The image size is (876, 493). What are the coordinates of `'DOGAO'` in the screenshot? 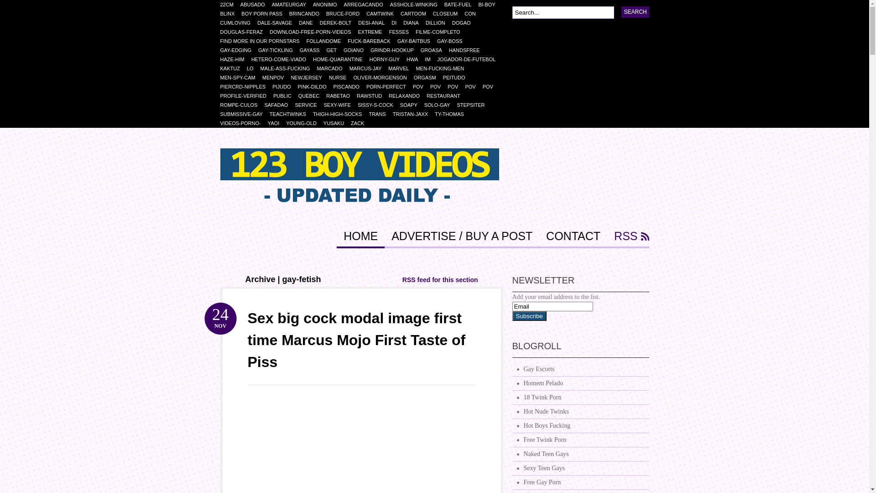 It's located at (464, 22).